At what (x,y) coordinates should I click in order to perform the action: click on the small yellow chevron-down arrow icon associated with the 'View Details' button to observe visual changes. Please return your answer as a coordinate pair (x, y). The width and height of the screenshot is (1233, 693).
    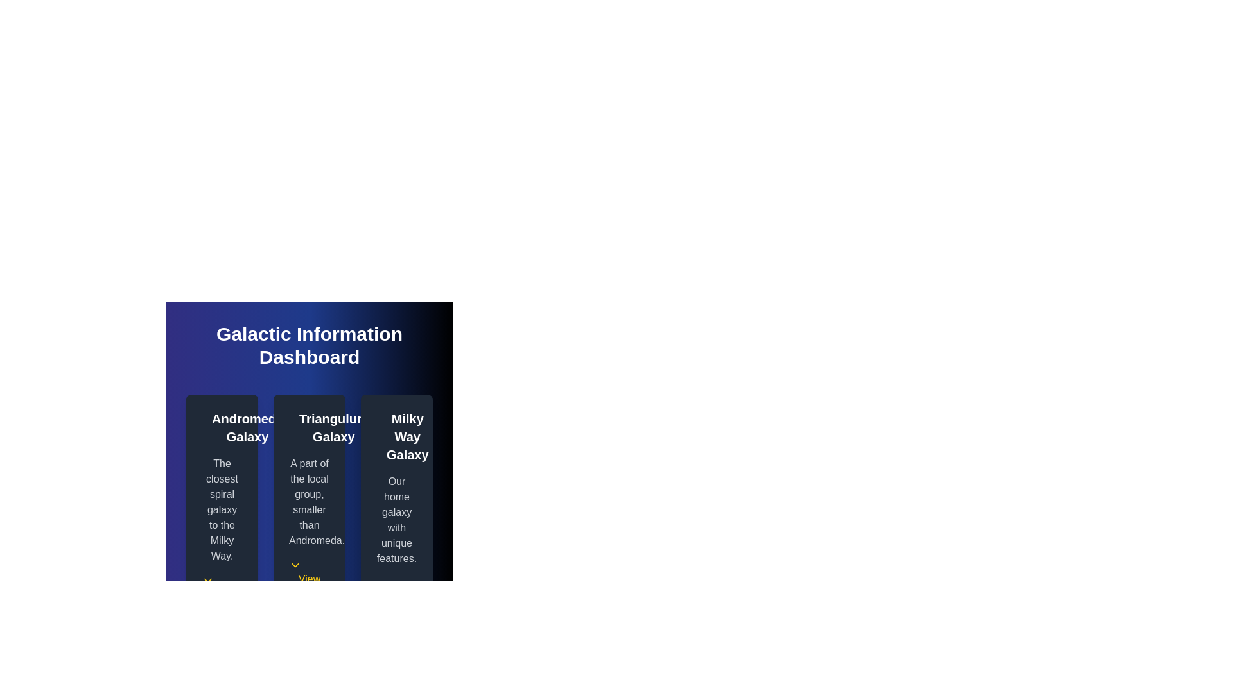
    Looking at the image, I should click on (208, 581).